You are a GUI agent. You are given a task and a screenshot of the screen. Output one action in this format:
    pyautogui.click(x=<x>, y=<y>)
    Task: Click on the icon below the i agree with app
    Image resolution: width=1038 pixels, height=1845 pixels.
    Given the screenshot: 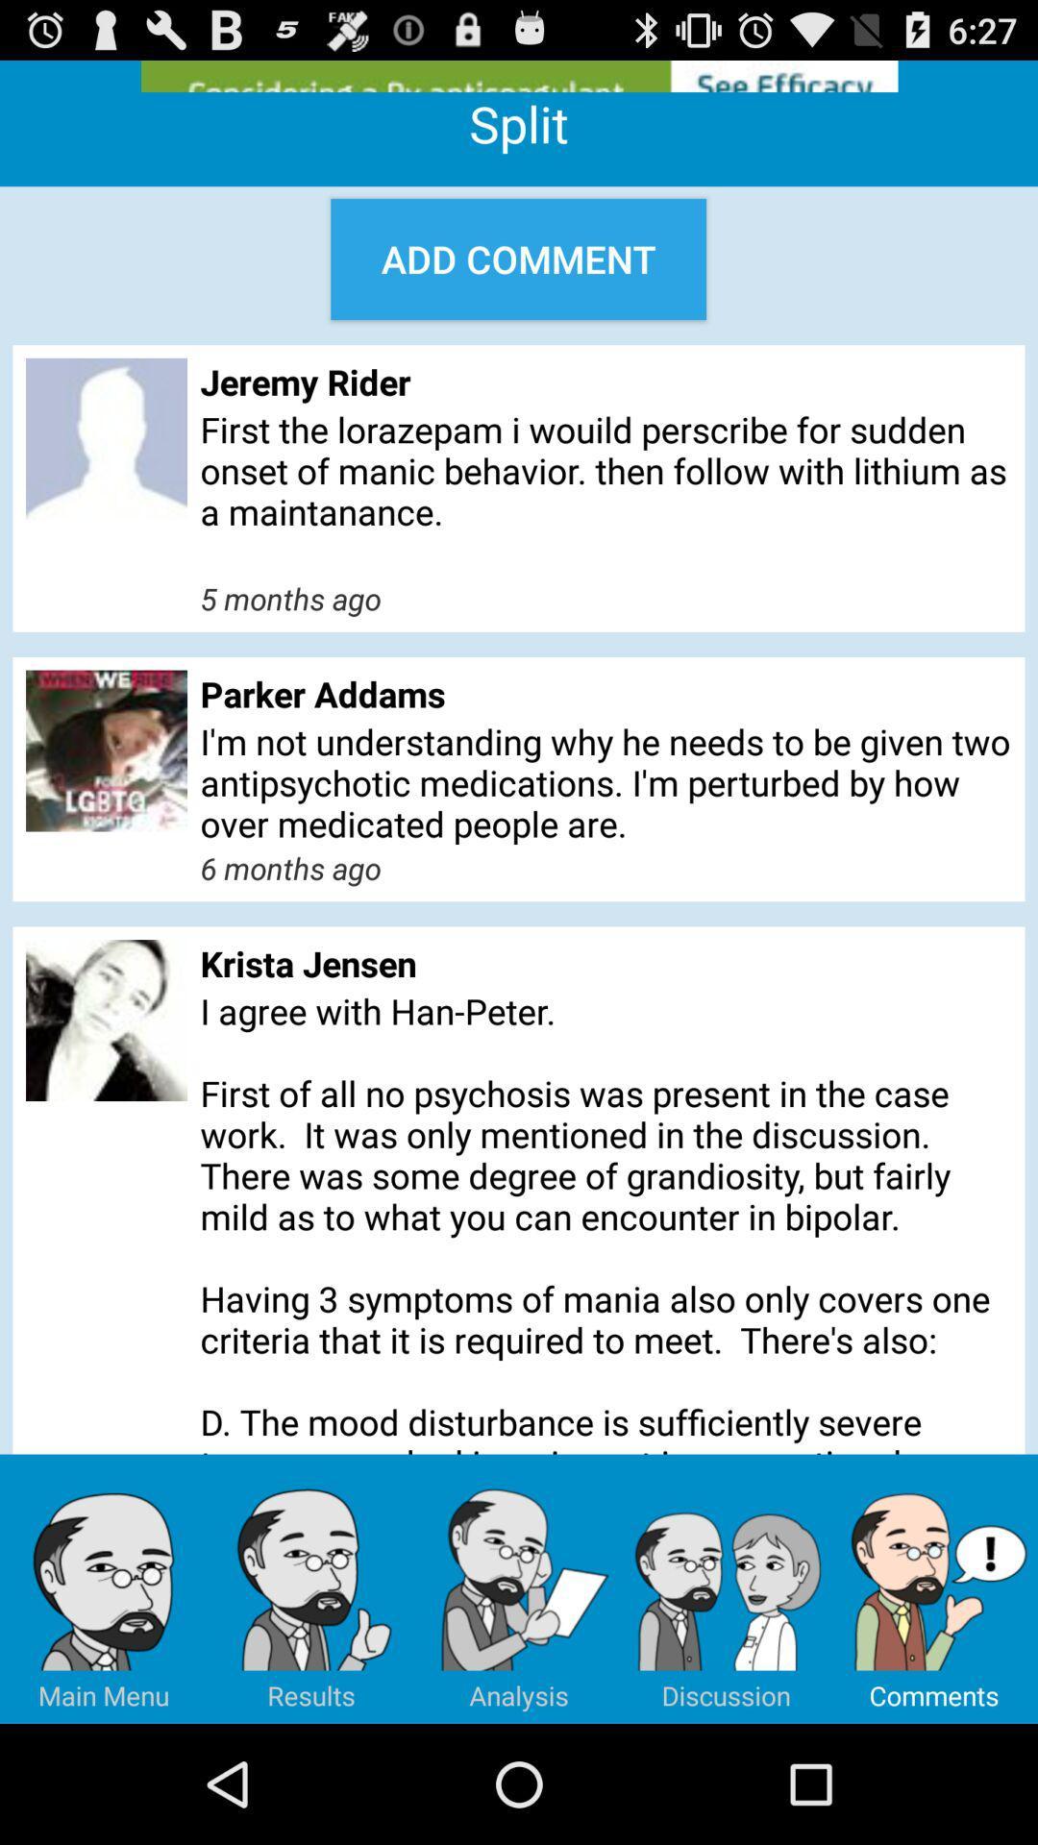 What is the action you would take?
    pyautogui.click(x=310, y=1588)
    